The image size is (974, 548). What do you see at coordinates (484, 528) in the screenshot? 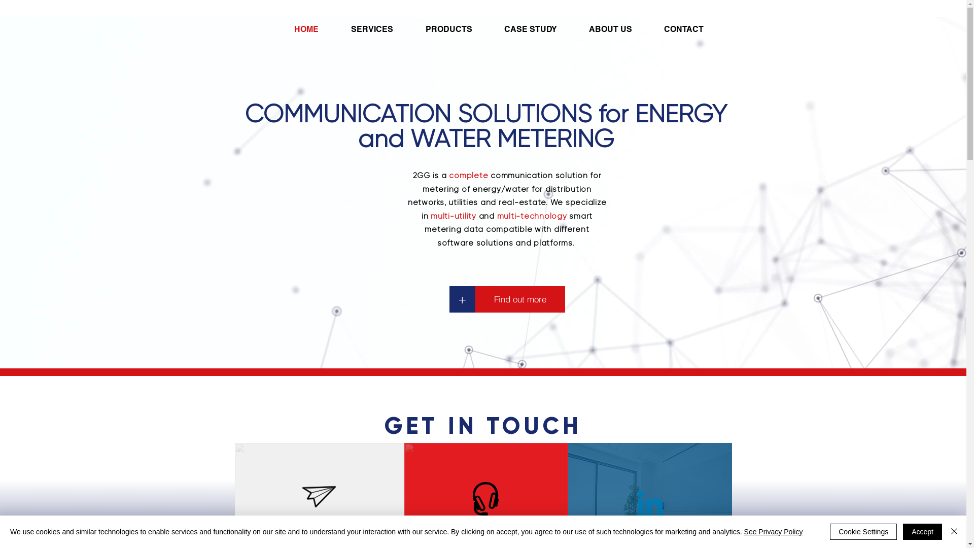
I see `'support@dsmeritve.si'` at bounding box center [484, 528].